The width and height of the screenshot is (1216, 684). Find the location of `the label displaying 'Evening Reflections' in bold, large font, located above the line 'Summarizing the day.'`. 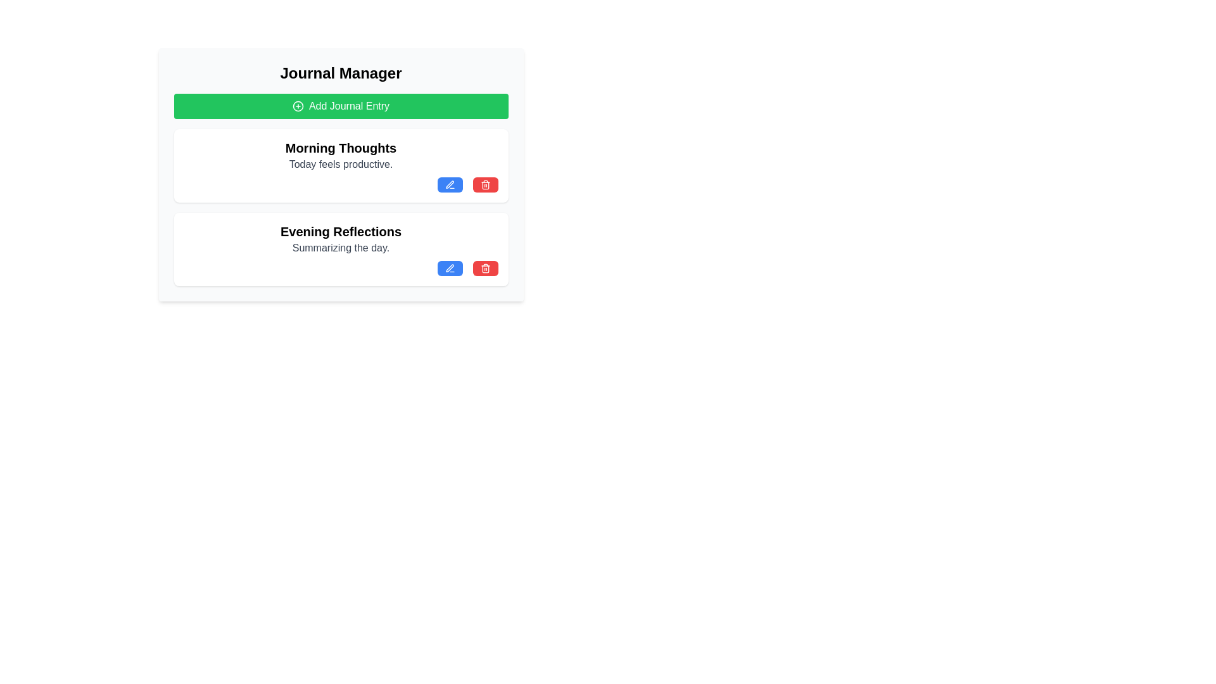

the label displaying 'Evening Reflections' in bold, large font, located above the line 'Summarizing the day.' is located at coordinates (341, 232).